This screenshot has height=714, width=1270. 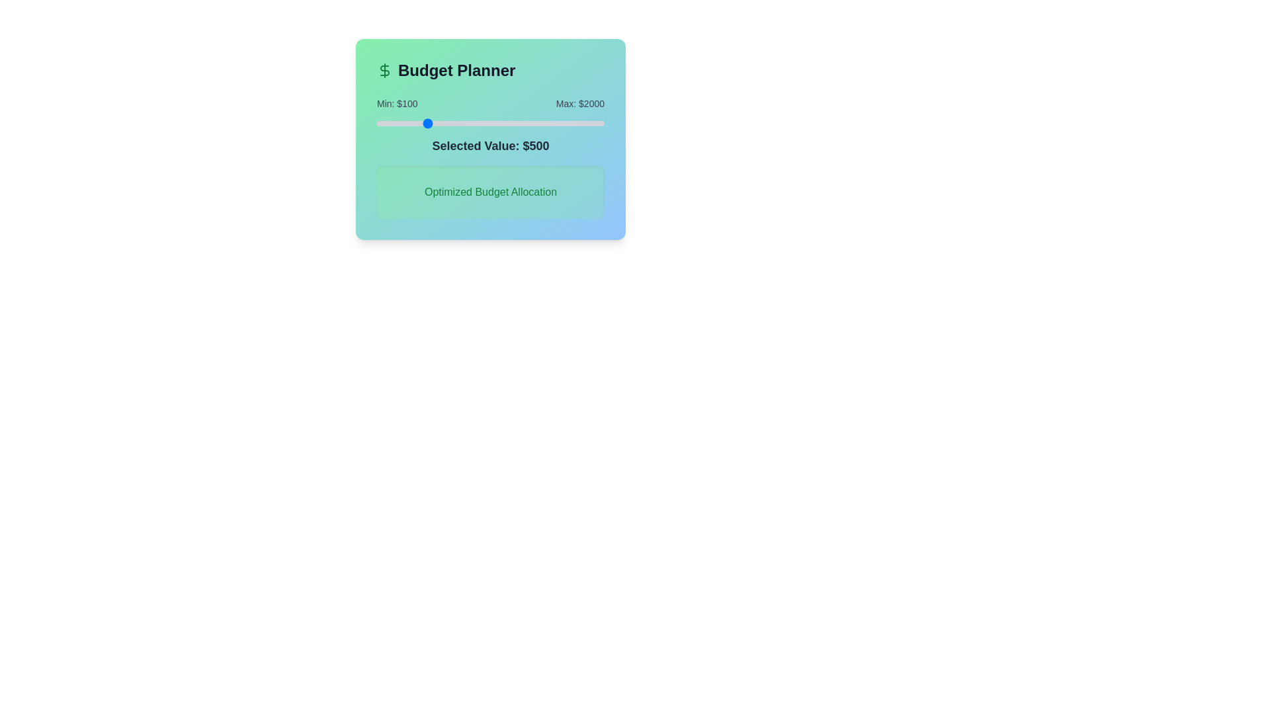 What do you see at coordinates (402, 123) in the screenshot?
I see `the slider to the desired value 313` at bounding box center [402, 123].